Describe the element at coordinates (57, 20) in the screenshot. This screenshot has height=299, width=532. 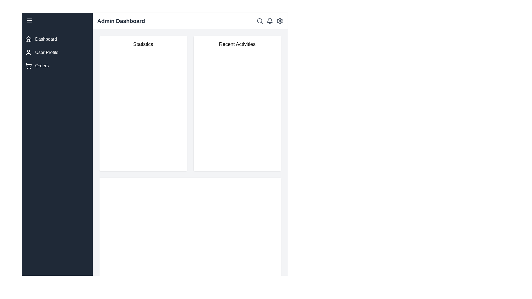
I see `the toggle button located at the top of the sidebar` at that location.